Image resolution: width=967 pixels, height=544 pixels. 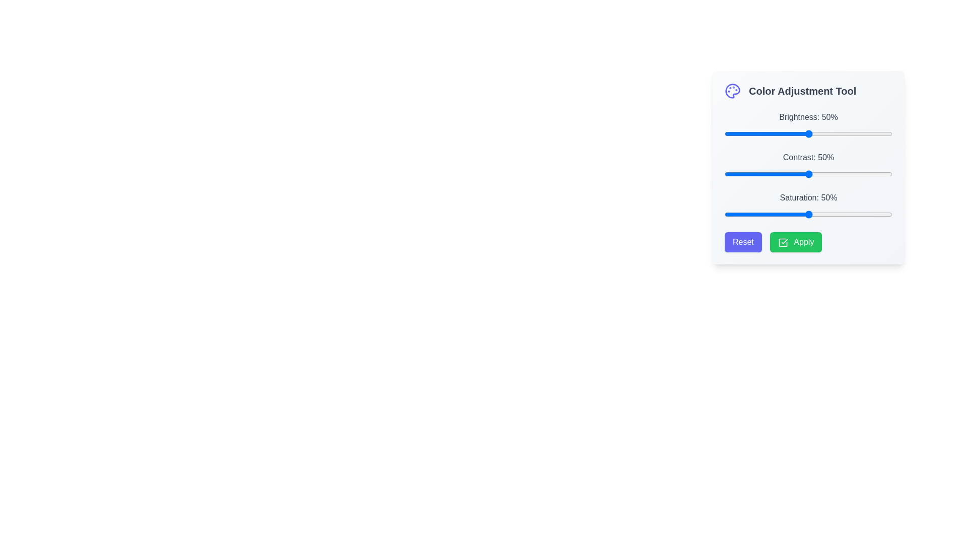 I want to click on the slider, so click(x=804, y=214).